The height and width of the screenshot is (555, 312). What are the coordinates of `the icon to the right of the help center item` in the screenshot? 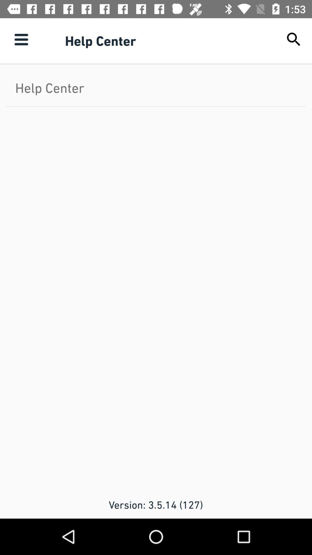 It's located at (294, 39).